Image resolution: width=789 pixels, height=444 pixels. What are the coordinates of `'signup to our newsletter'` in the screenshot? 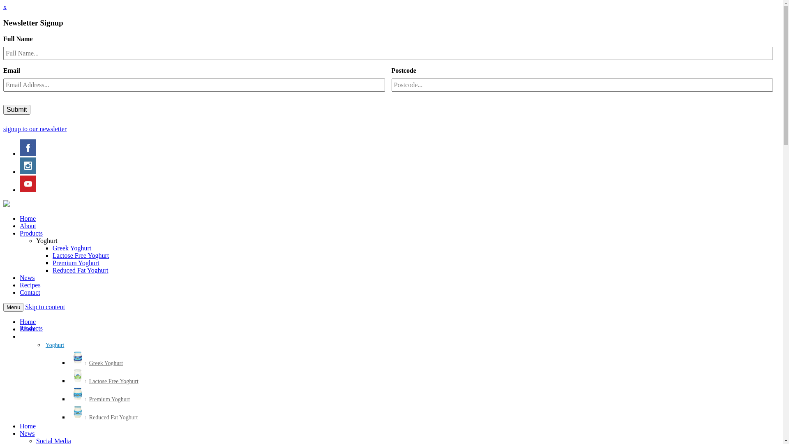 It's located at (35, 129).